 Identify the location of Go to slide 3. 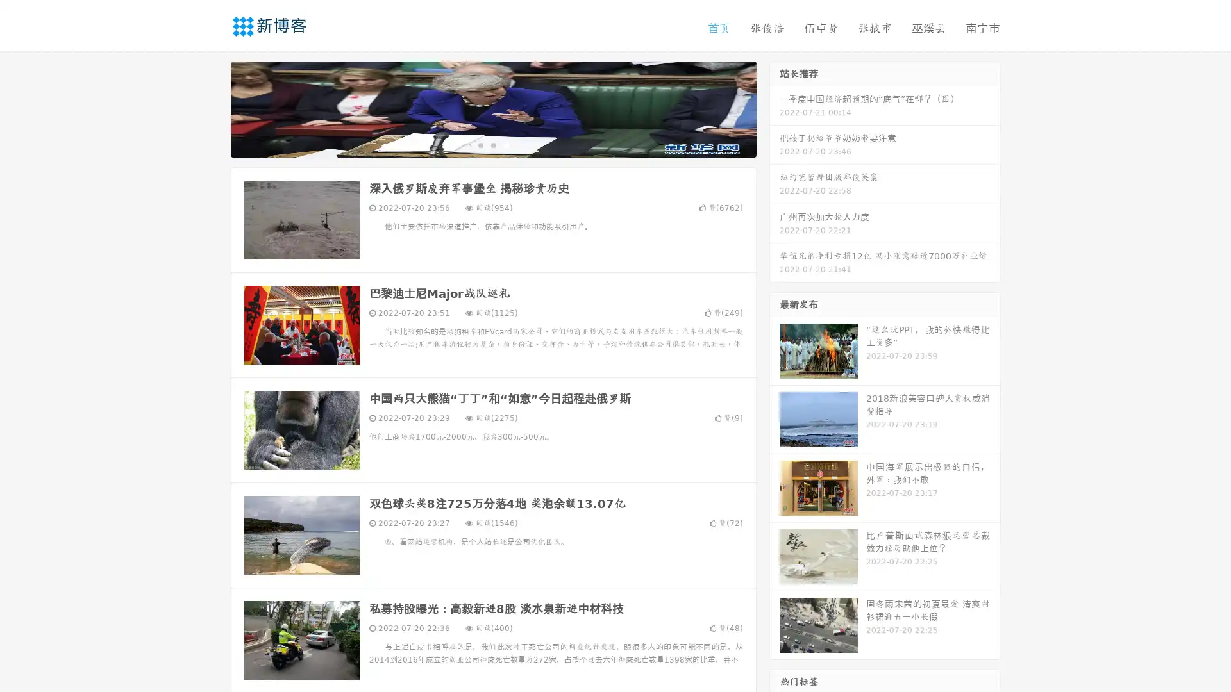
(506, 144).